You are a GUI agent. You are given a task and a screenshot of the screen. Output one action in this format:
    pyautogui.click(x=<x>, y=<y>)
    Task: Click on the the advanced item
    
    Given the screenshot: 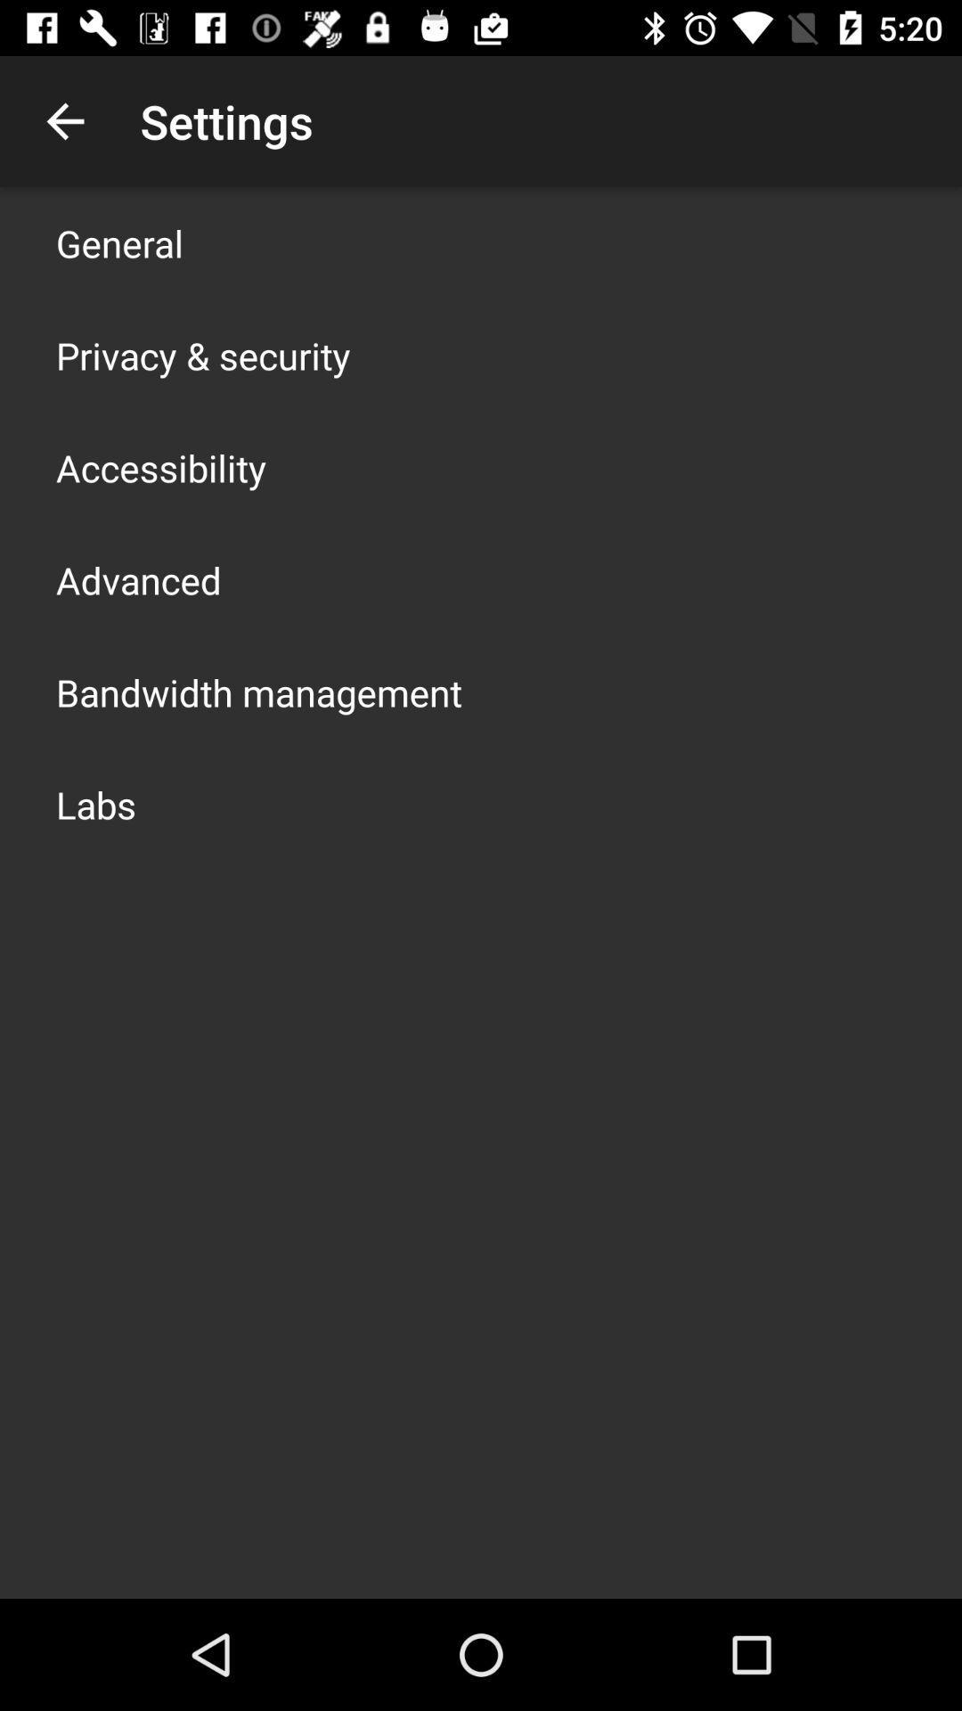 What is the action you would take?
    pyautogui.click(x=137, y=580)
    